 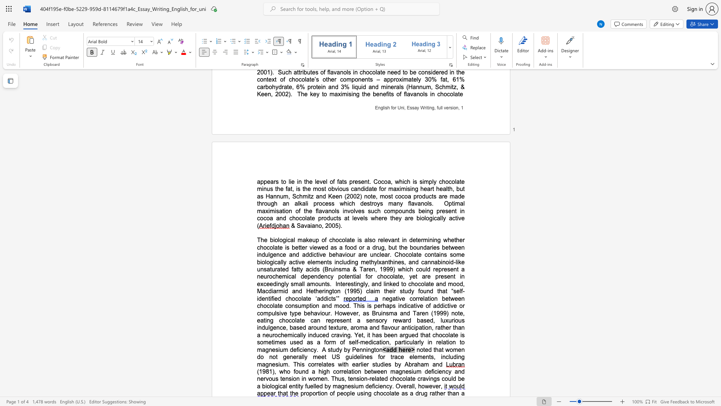 I want to click on the subset text "ogical makeup of chocol" within the text "The biological makeup of chocolate is also relevant in", so click(x=279, y=240).